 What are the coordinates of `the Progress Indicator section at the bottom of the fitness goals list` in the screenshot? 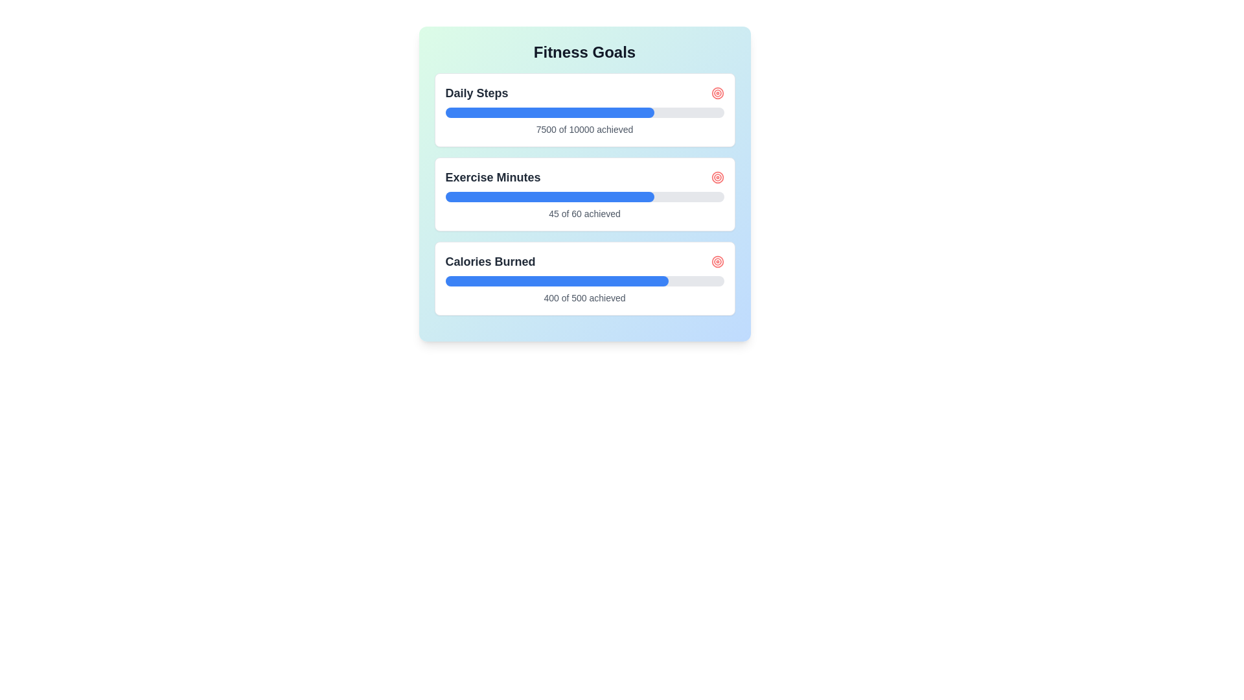 It's located at (584, 277).